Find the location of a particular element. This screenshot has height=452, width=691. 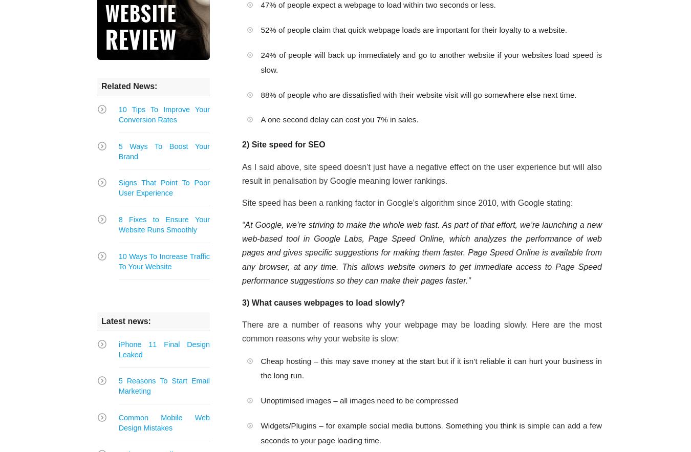

'5 Ways To Boost Your Brand' is located at coordinates (163, 151).